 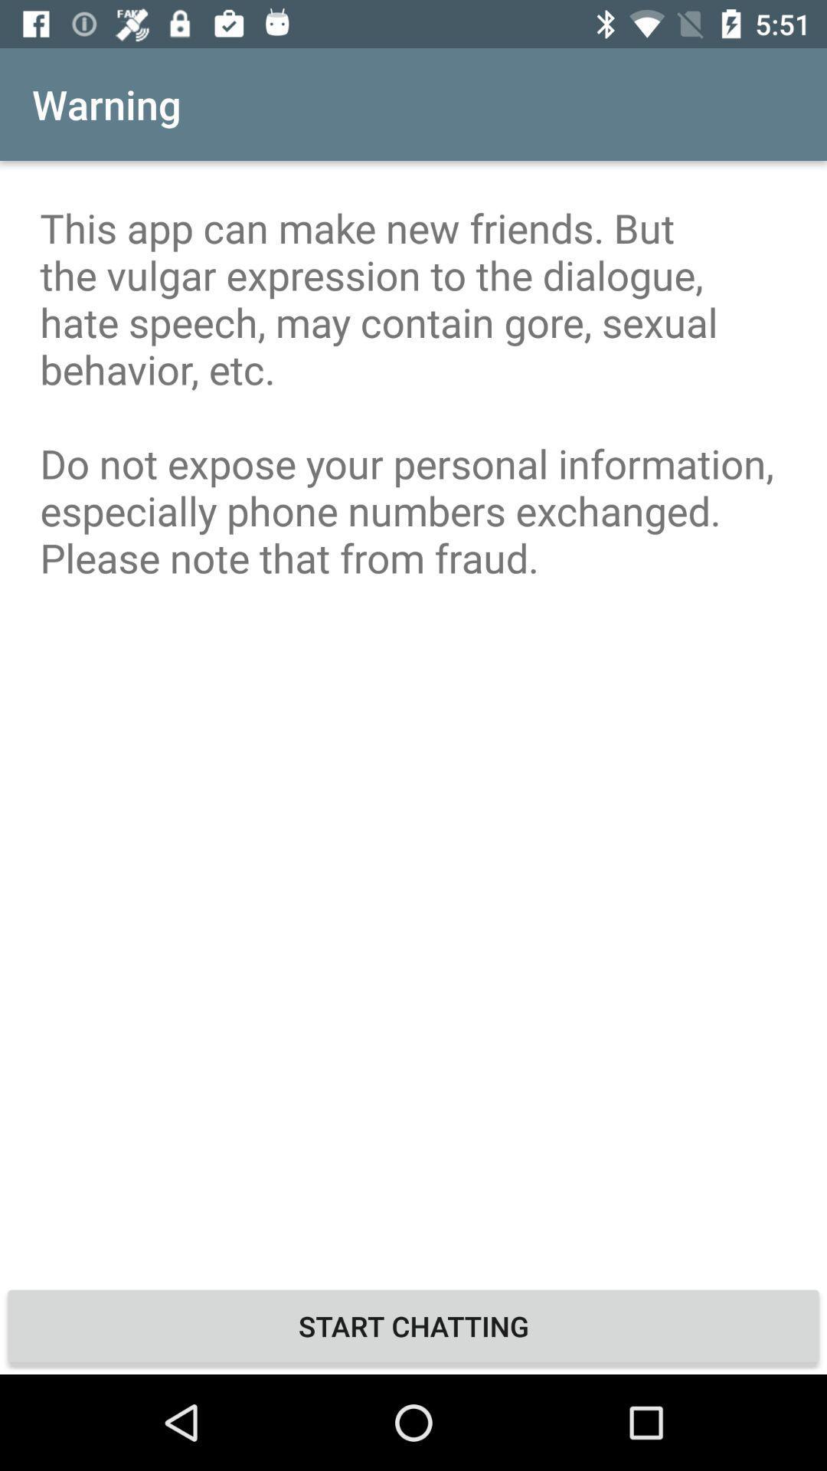 I want to click on the start chatting icon, so click(x=413, y=1325).